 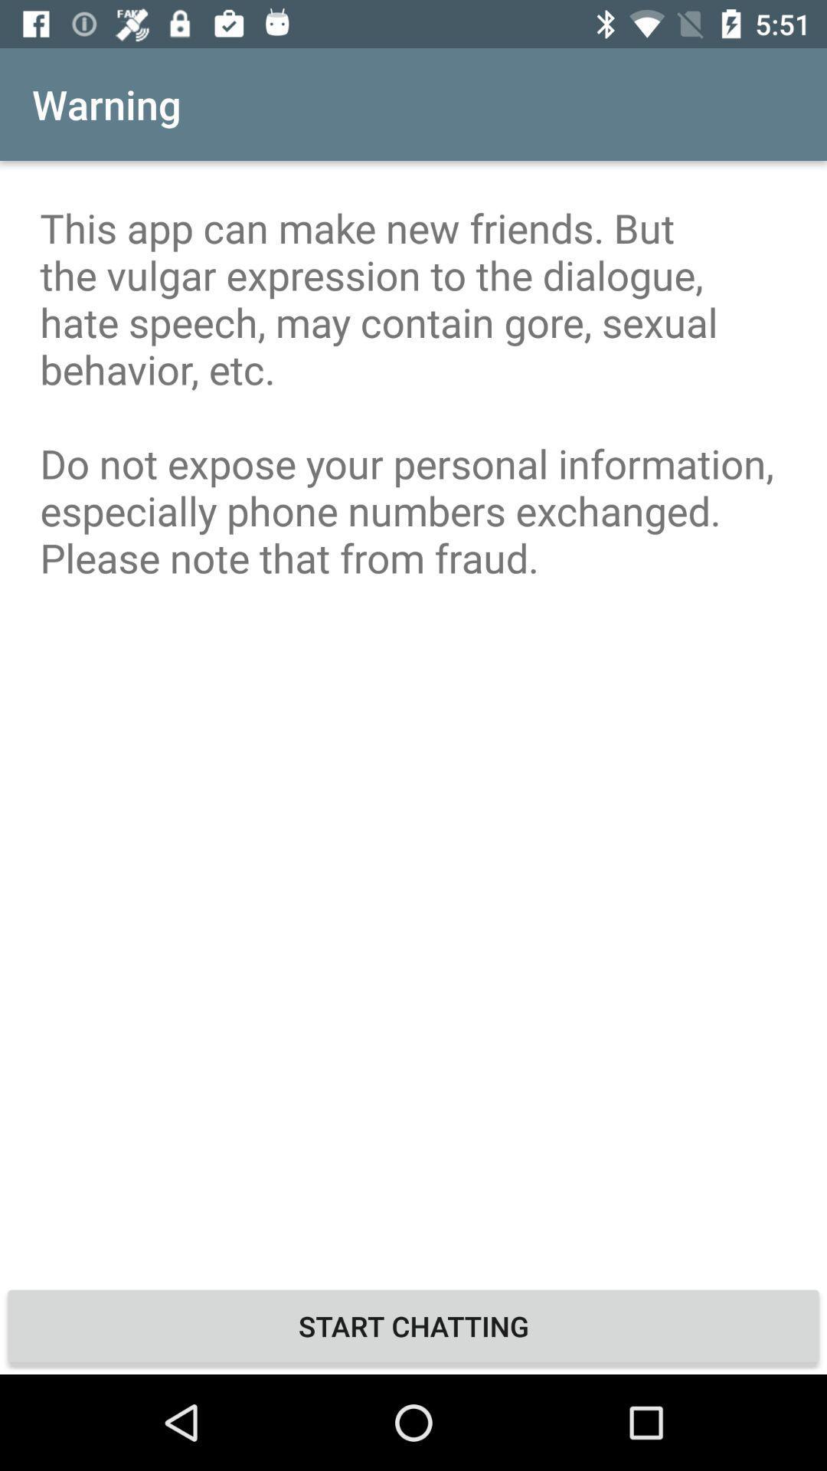 I want to click on the start chatting icon, so click(x=413, y=1325).